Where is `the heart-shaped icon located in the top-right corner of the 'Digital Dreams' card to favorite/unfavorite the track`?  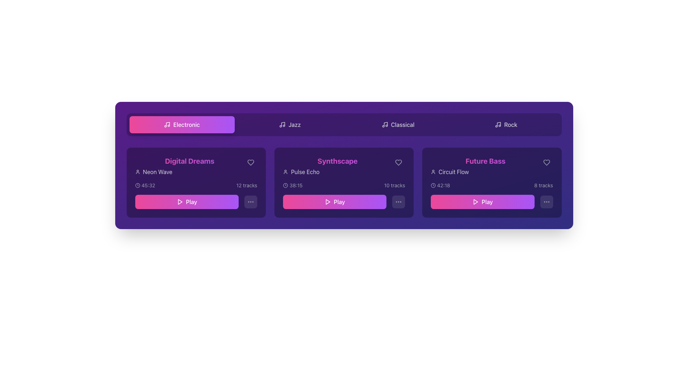 the heart-shaped icon located in the top-right corner of the 'Digital Dreams' card to favorite/unfavorite the track is located at coordinates (250, 163).